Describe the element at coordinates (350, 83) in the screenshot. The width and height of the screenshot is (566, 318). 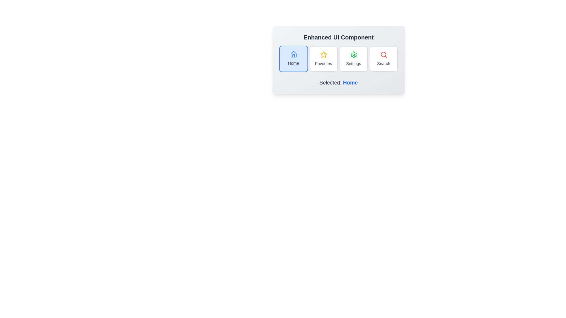
I see `text label that displays 'Home', which is styled in bold blue color and indicates the current selection in the interface` at that location.